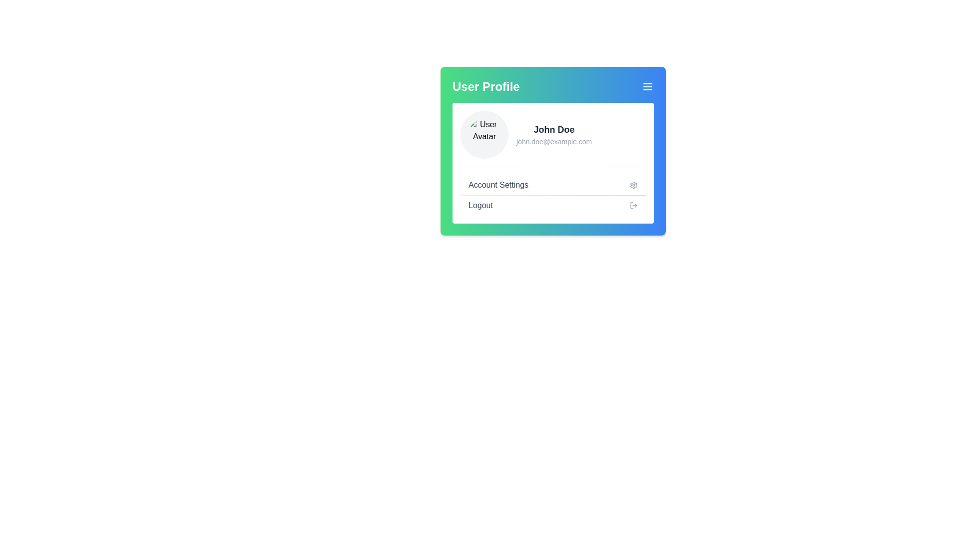 This screenshot has height=539, width=959. What do you see at coordinates (552, 185) in the screenshot?
I see `the Interactive menu item, which is the first item in the dropdown menu below the user's profile details` at bounding box center [552, 185].